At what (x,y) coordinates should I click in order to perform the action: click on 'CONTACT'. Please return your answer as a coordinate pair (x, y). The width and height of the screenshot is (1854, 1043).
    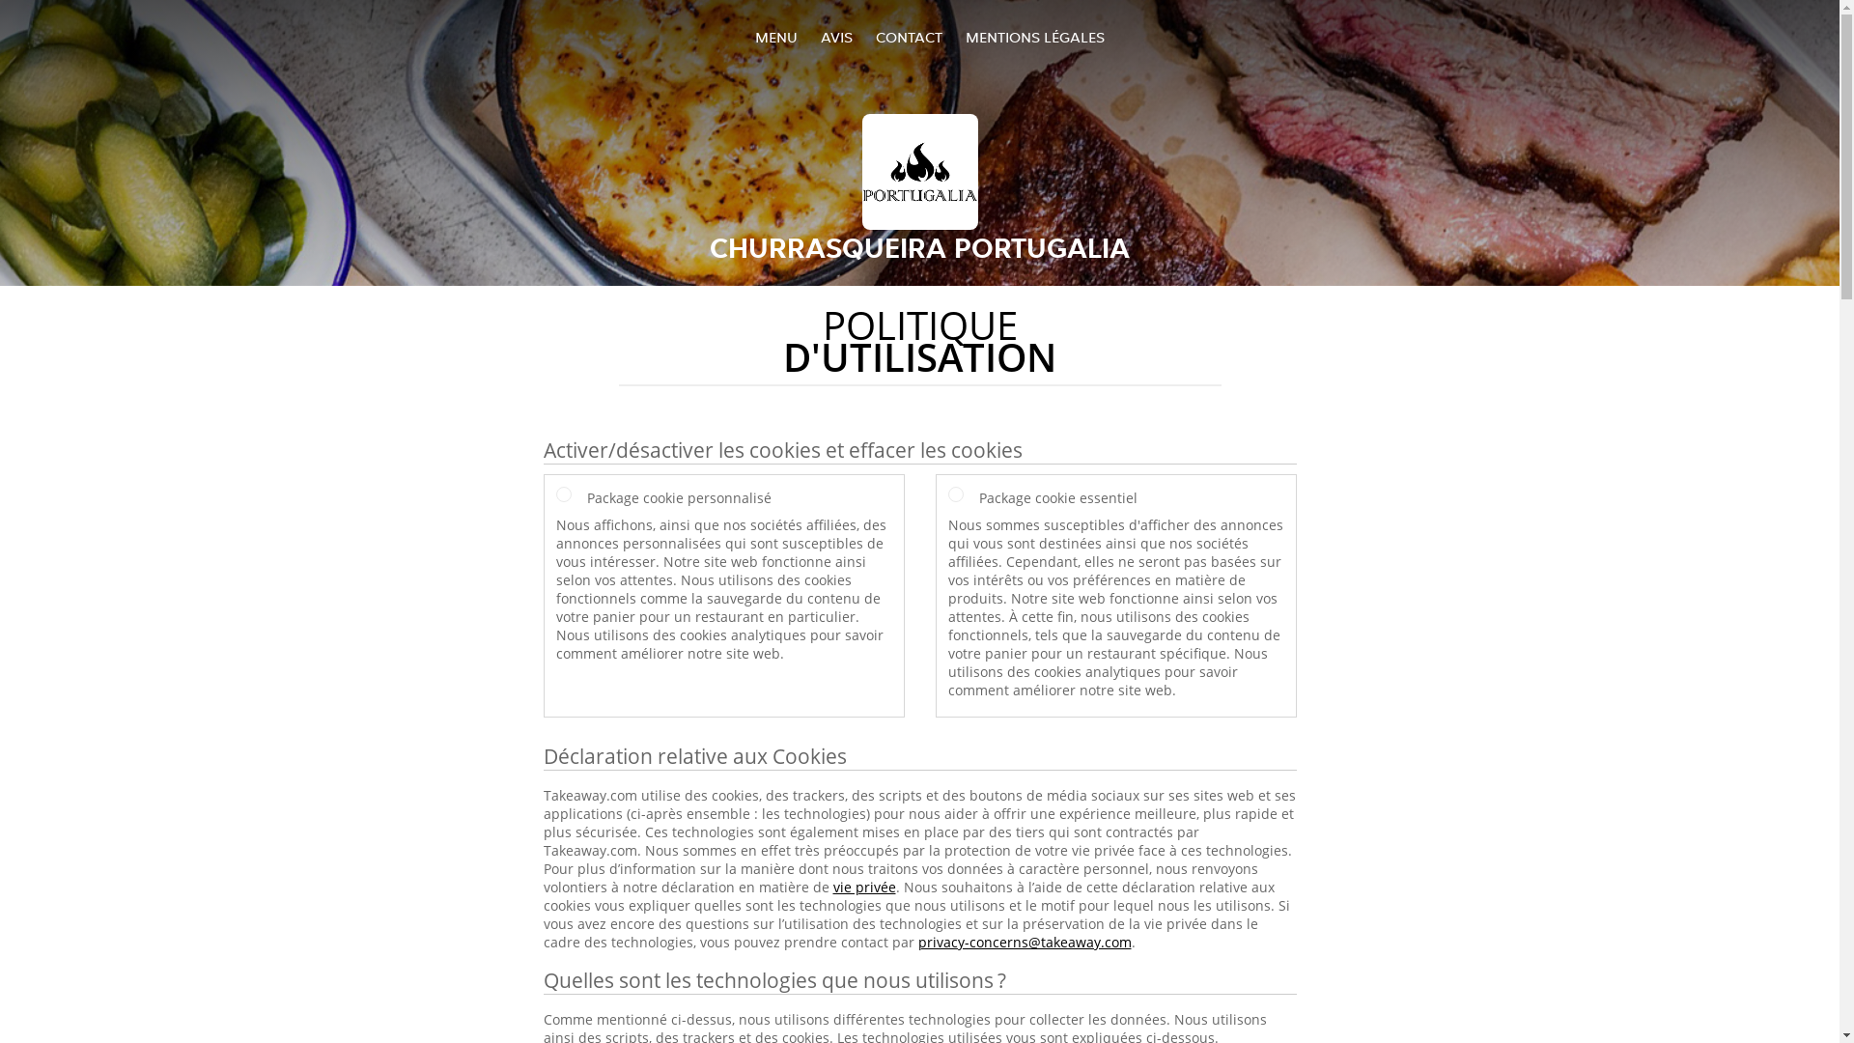
    Looking at the image, I should click on (907, 37).